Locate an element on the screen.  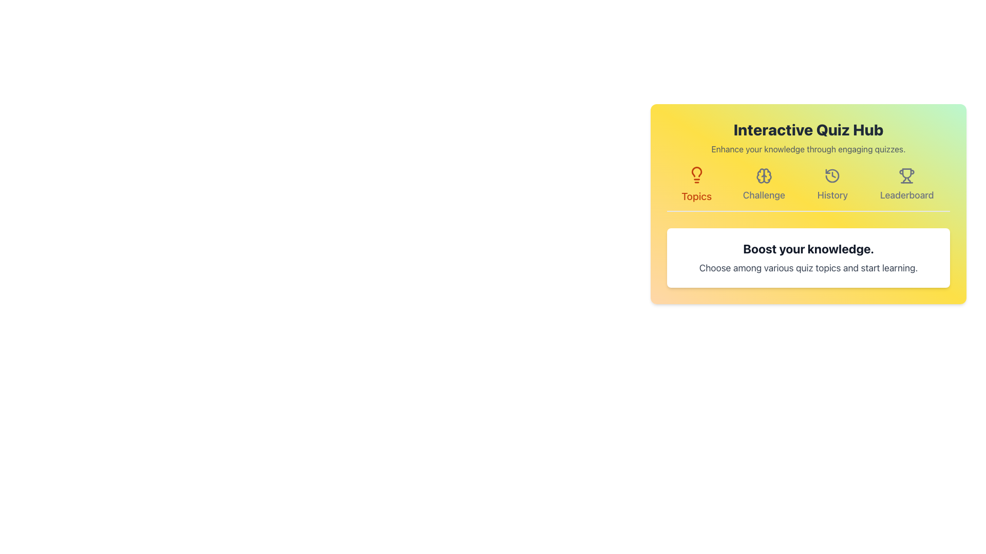
descriptive text block located within the card UI component, positioned below the header 'Boost your knowledge.' is located at coordinates (808, 268).